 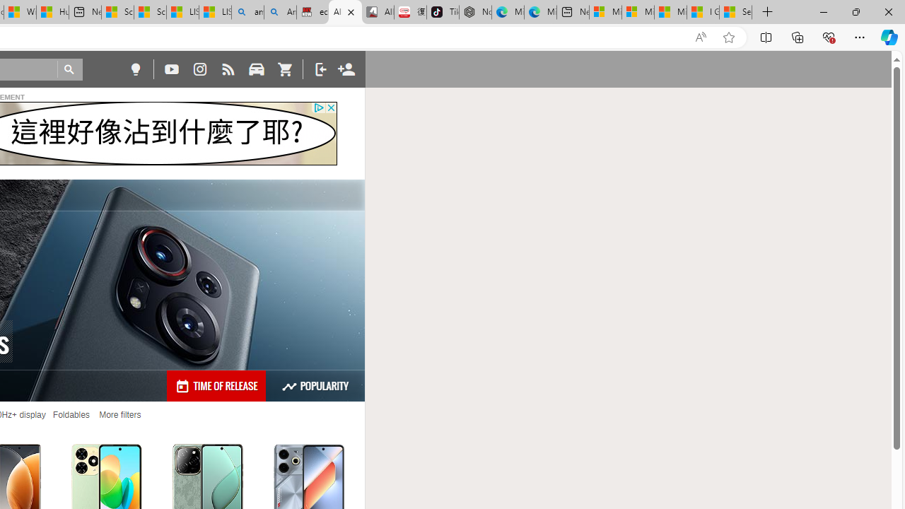 What do you see at coordinates (703, 12) in the screenshot?
I see `'I Gained 20 Pounds of Muscle in 30 Days! | Watch'` at bounding box center [703, 12].